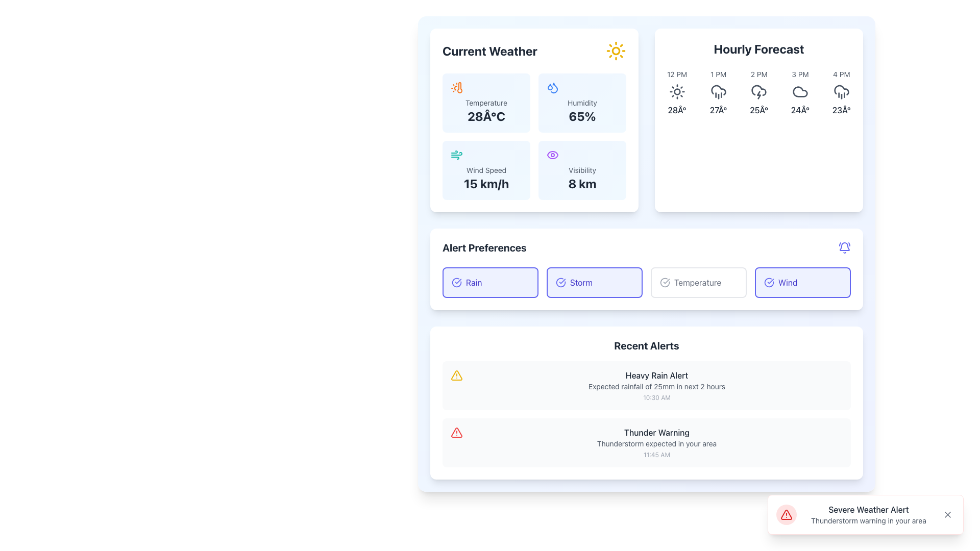 This screenshot has width=980, height=551. Describe the element at coordinates (553, 87) in the screenshot. I see `the humidity icon located to the left of the '65%' text in the 'Current Weather' panel` at that location.